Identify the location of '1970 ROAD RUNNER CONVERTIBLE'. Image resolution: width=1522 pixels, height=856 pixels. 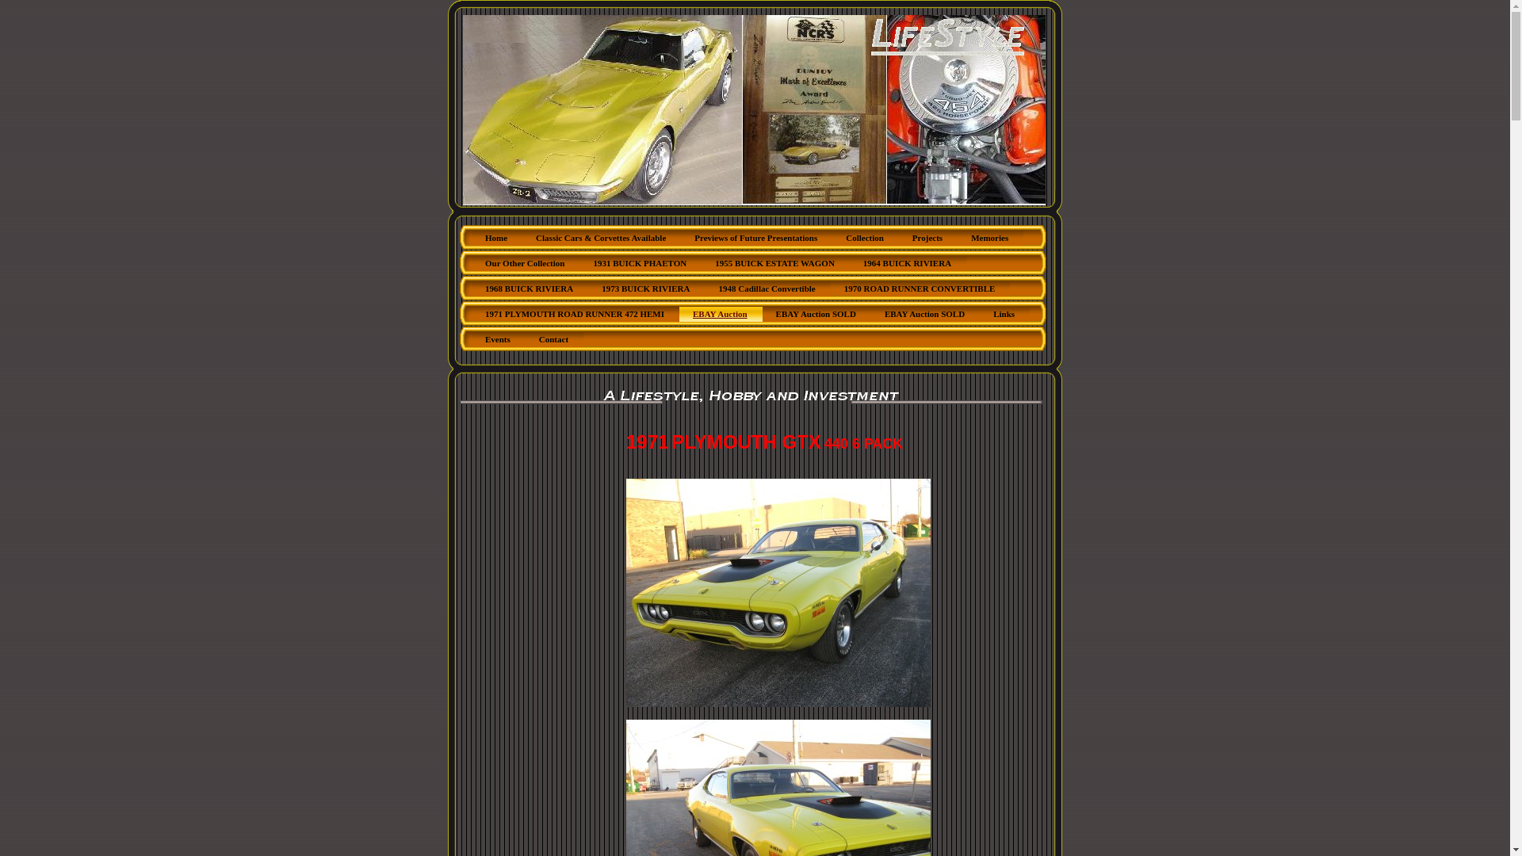
(920, 289).